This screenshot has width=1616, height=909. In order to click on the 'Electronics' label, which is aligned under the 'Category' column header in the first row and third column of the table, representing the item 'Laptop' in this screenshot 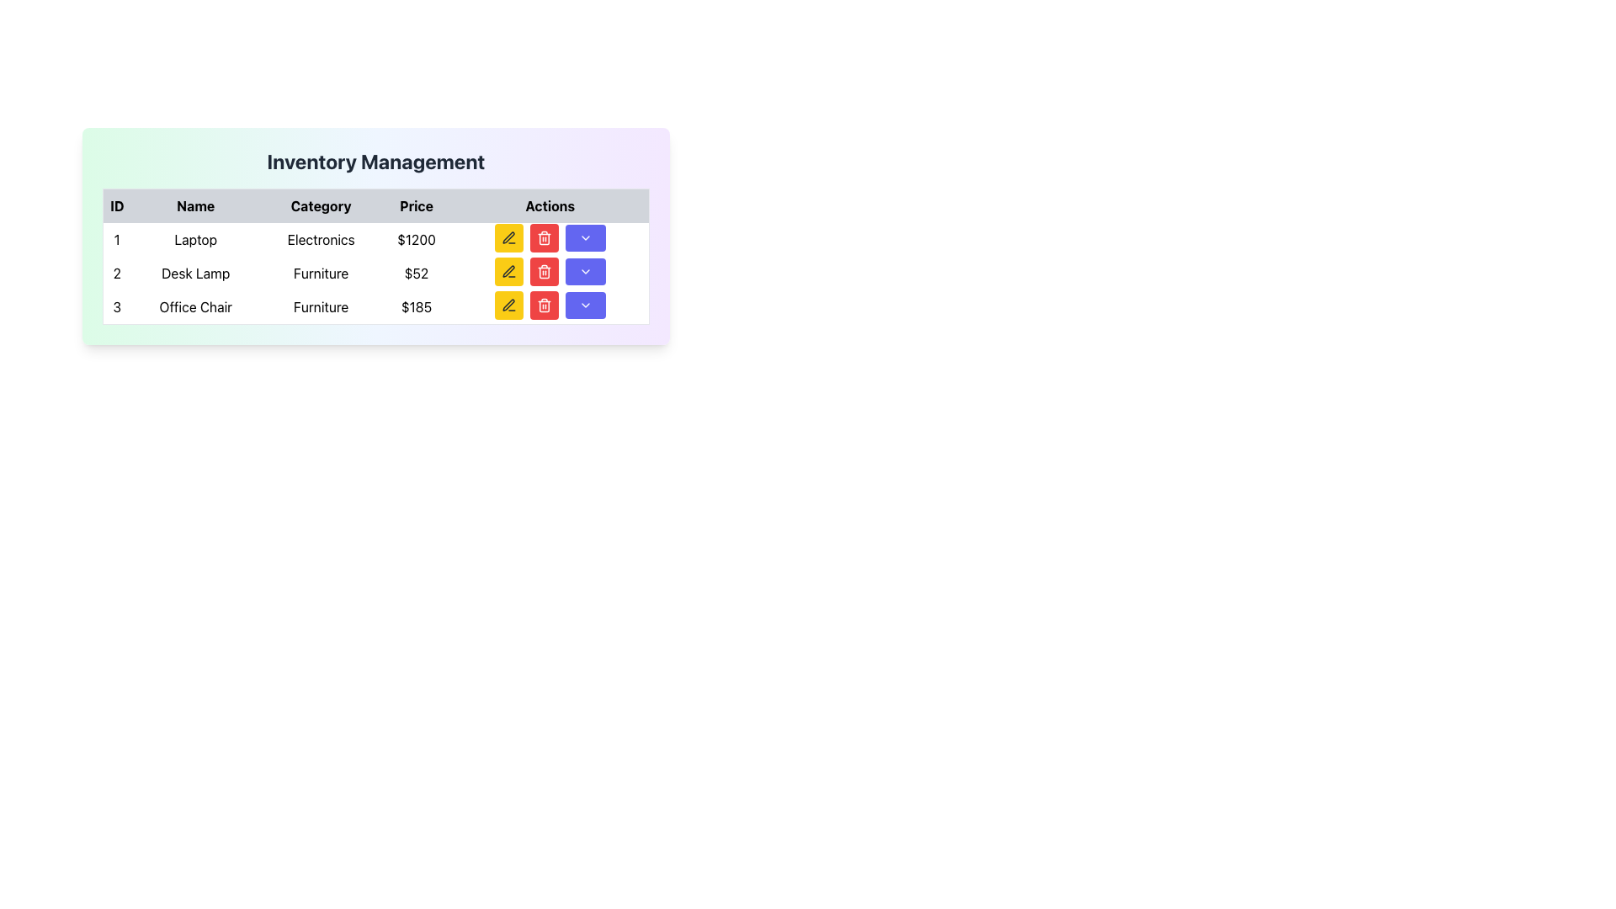, I will do `click(321, 240)`.